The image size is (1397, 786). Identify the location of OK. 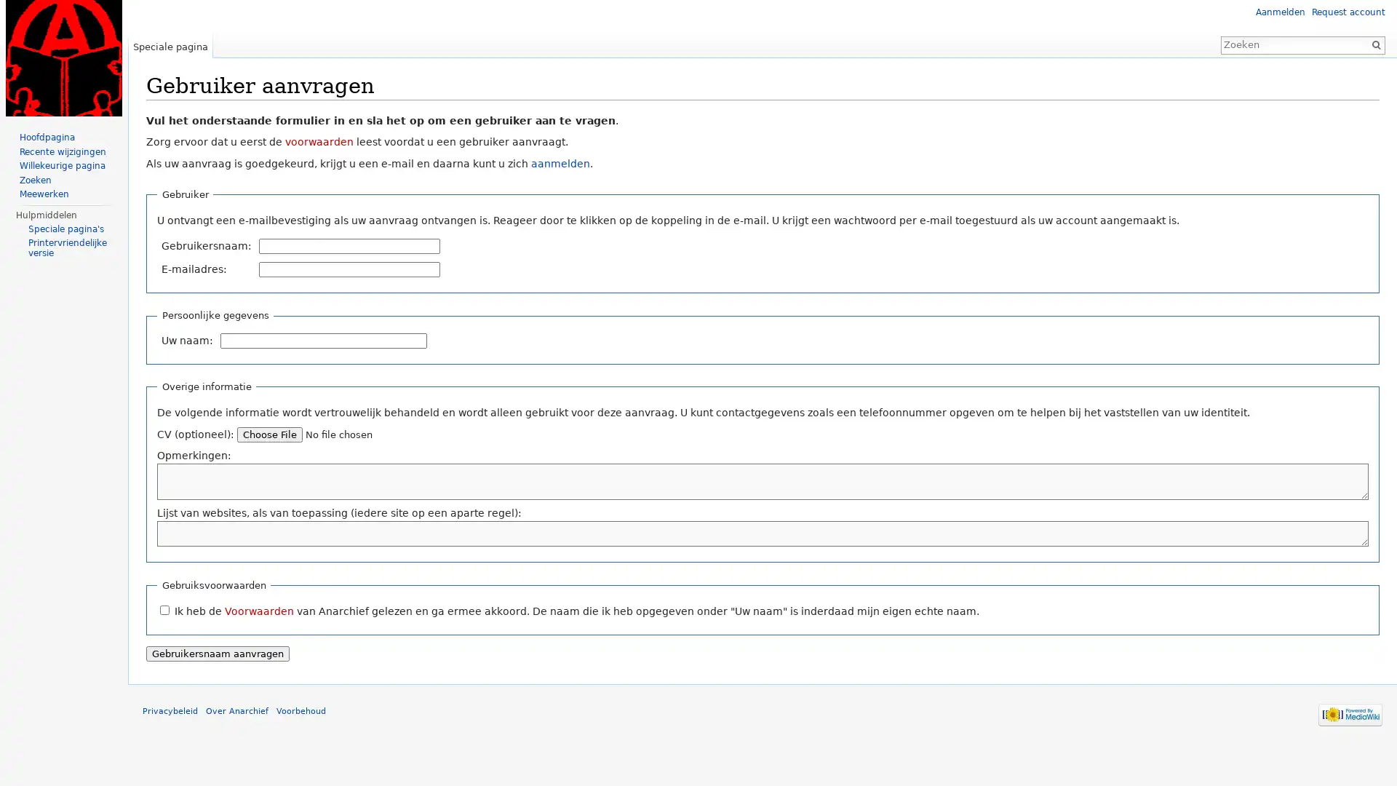
(1375, 44).